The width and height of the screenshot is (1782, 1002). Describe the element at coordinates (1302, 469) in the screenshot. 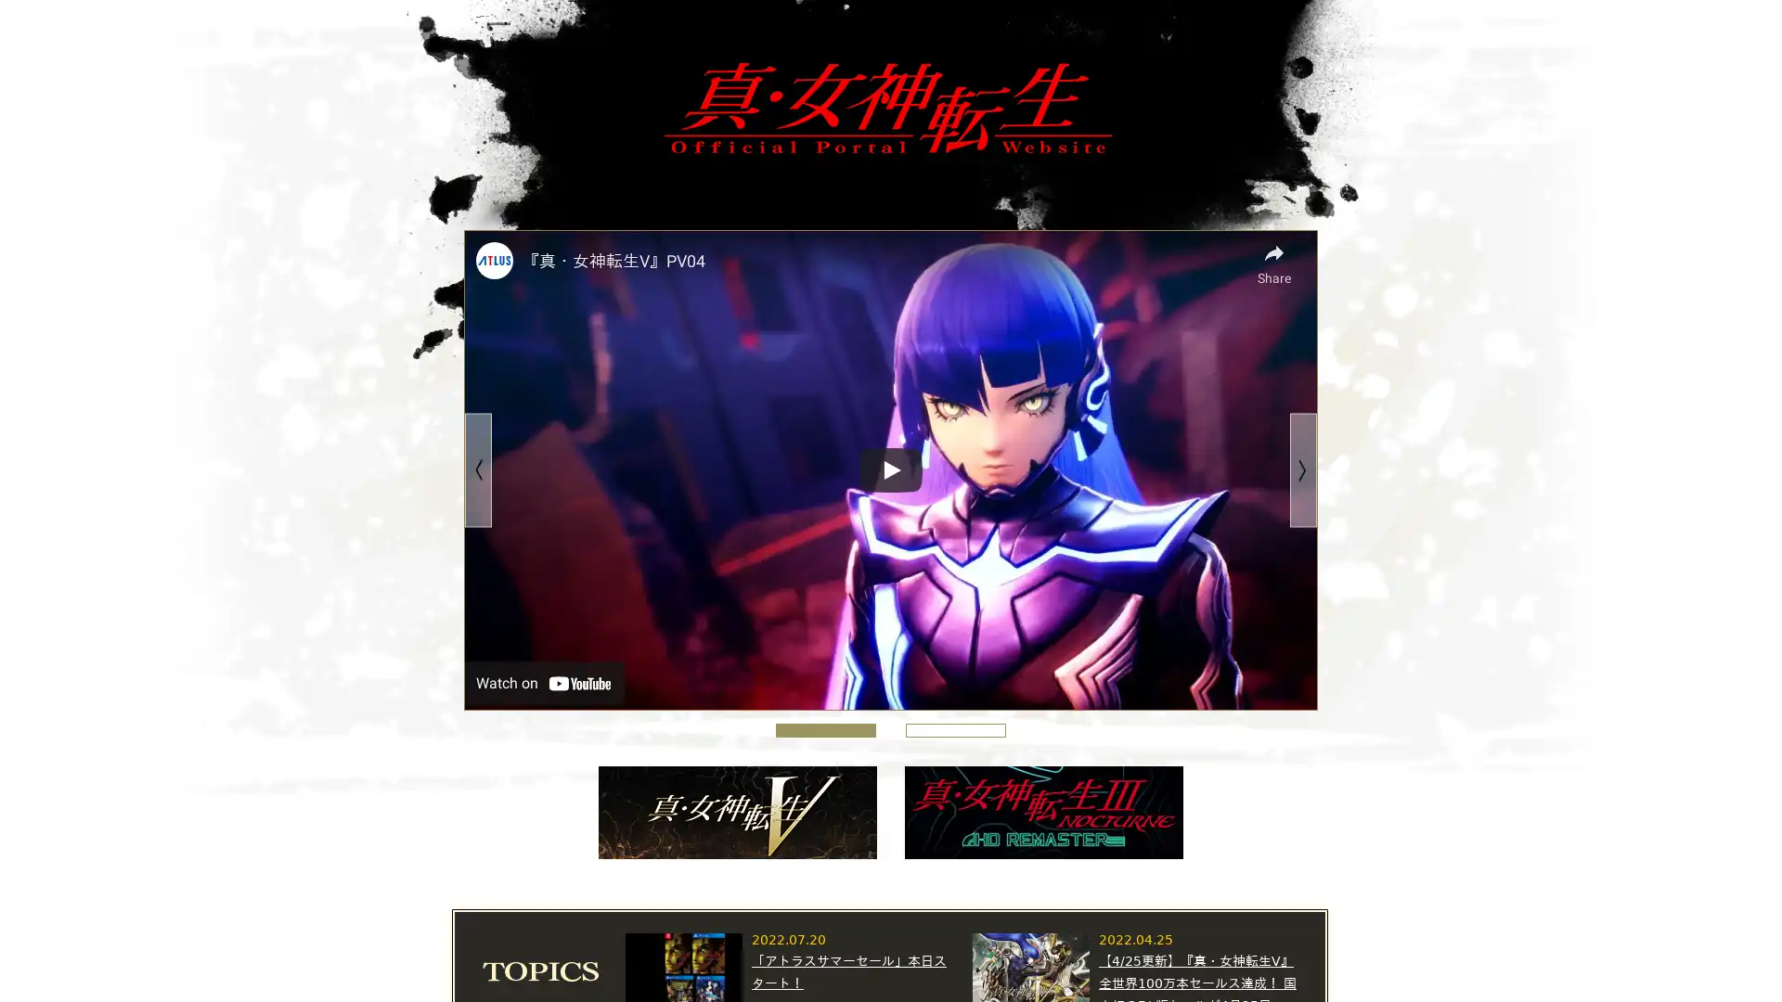

I see `Next` at that location.